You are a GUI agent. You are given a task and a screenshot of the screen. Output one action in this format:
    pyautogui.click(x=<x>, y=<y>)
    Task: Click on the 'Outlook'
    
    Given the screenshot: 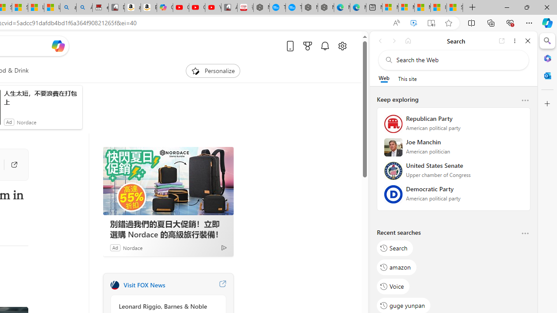 What is the action you would take?
    pyautogui.click(x=547, y=75)
    